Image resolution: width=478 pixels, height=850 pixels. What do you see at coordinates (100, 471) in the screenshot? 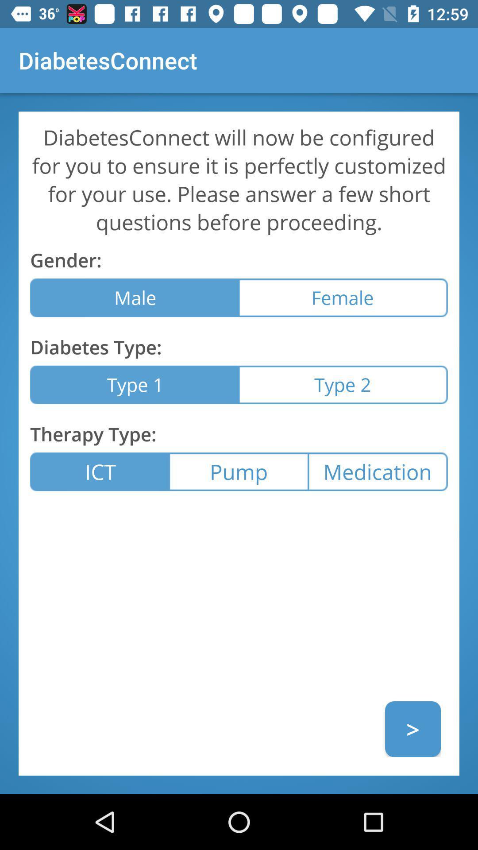
I see `ict item` at bounding box center [100, 471].